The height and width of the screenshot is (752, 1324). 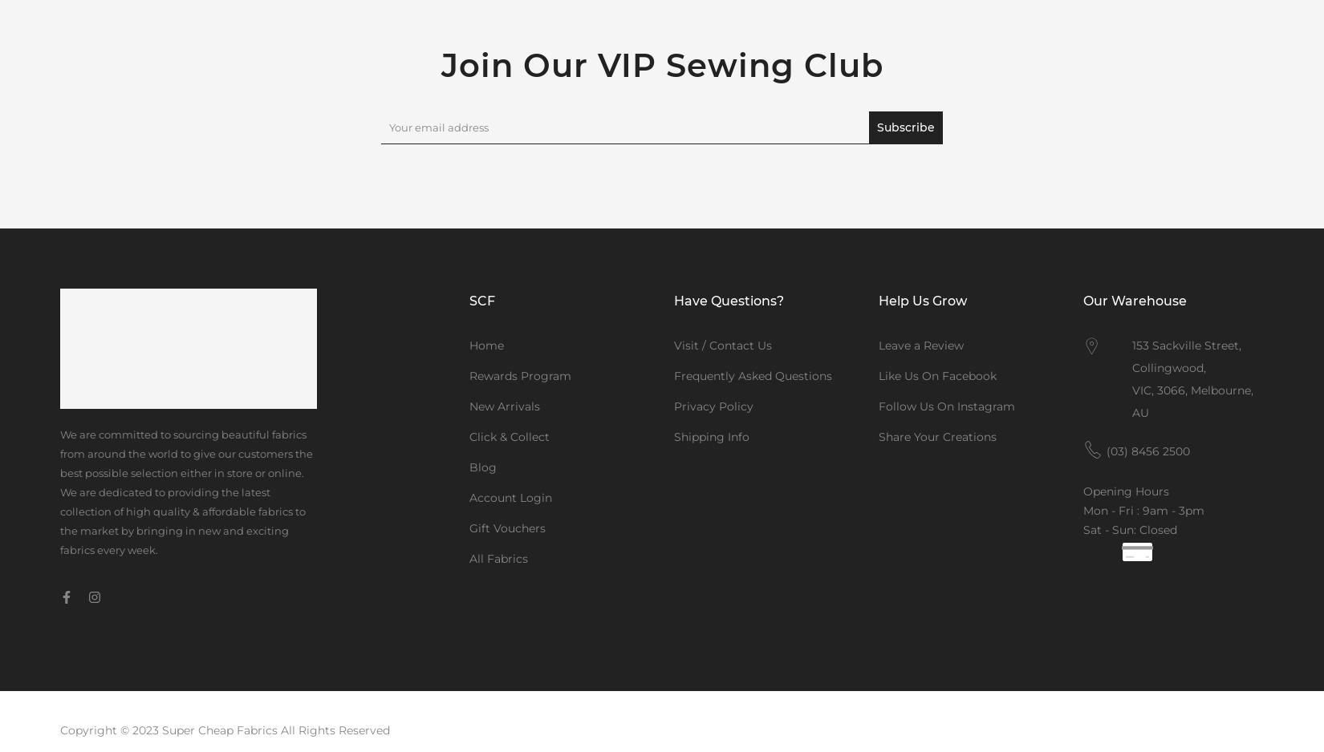 I want to click on 'Home', so click(x=485, y=346).